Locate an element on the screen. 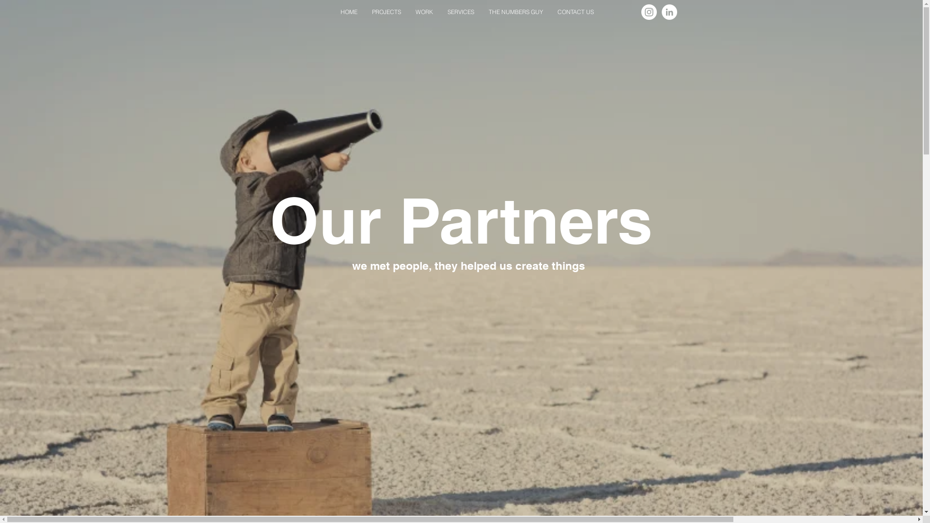  'PROJECTS' is located at coordinates (386, 12).